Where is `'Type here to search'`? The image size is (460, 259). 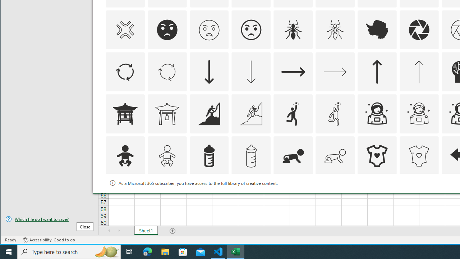
'Type here to search' is located at coordinates (69, 251).